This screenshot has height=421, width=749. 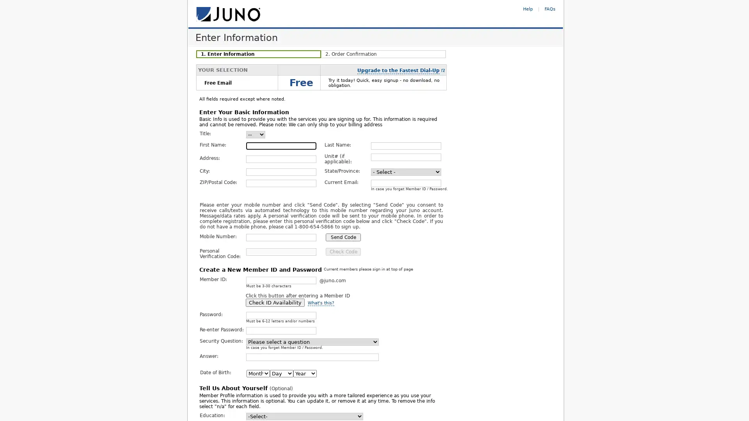 I want to click on Check Code, so click(x=343, y=251).